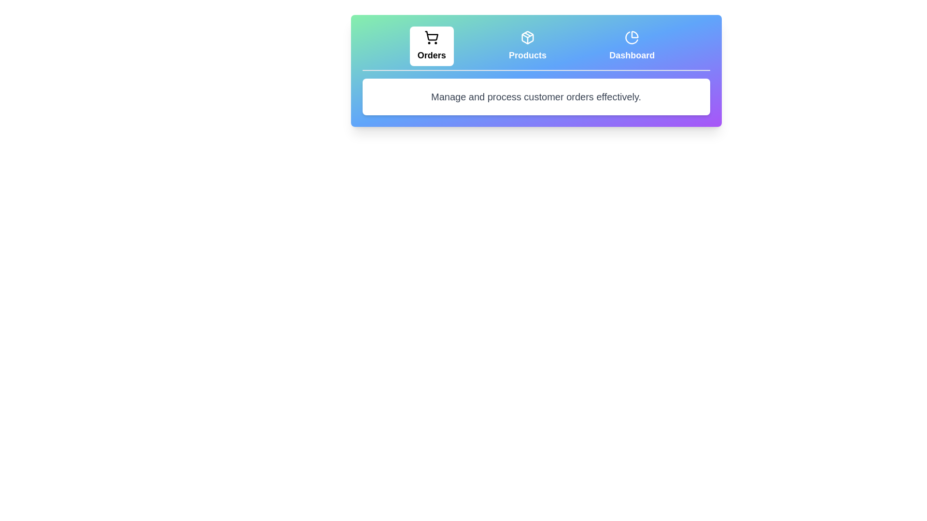 Image resolution: width=927 pixels, height=521 pixels. I want to click on the tab labeled Products to display its associated text, so click(527, 46).